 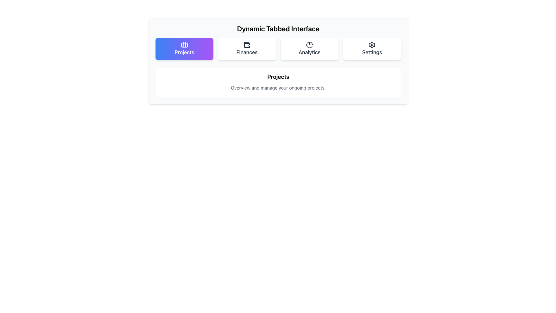 What do you see at coordinates (184, 44) in the screenshot?
I see `the 'Projects' icon located in the top-left section of the tabbed interface, which is centered above the text 'Projects'` at bounding box center [184, 44].